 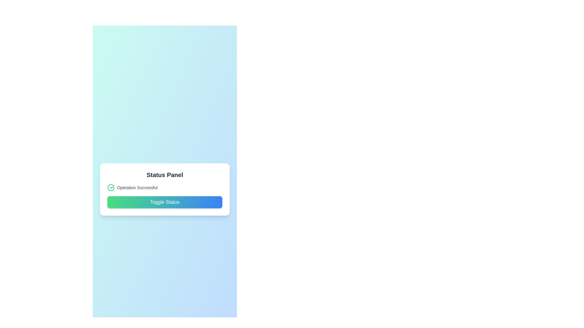 What do you see at coordinates (165, 202) in the screenshot?
I see `the 'Toggle Status' button with a gradient background transitioning from green to blue, located within the 'Status Panel' below 'Operation Successful'` at bounding box center [165, 202].